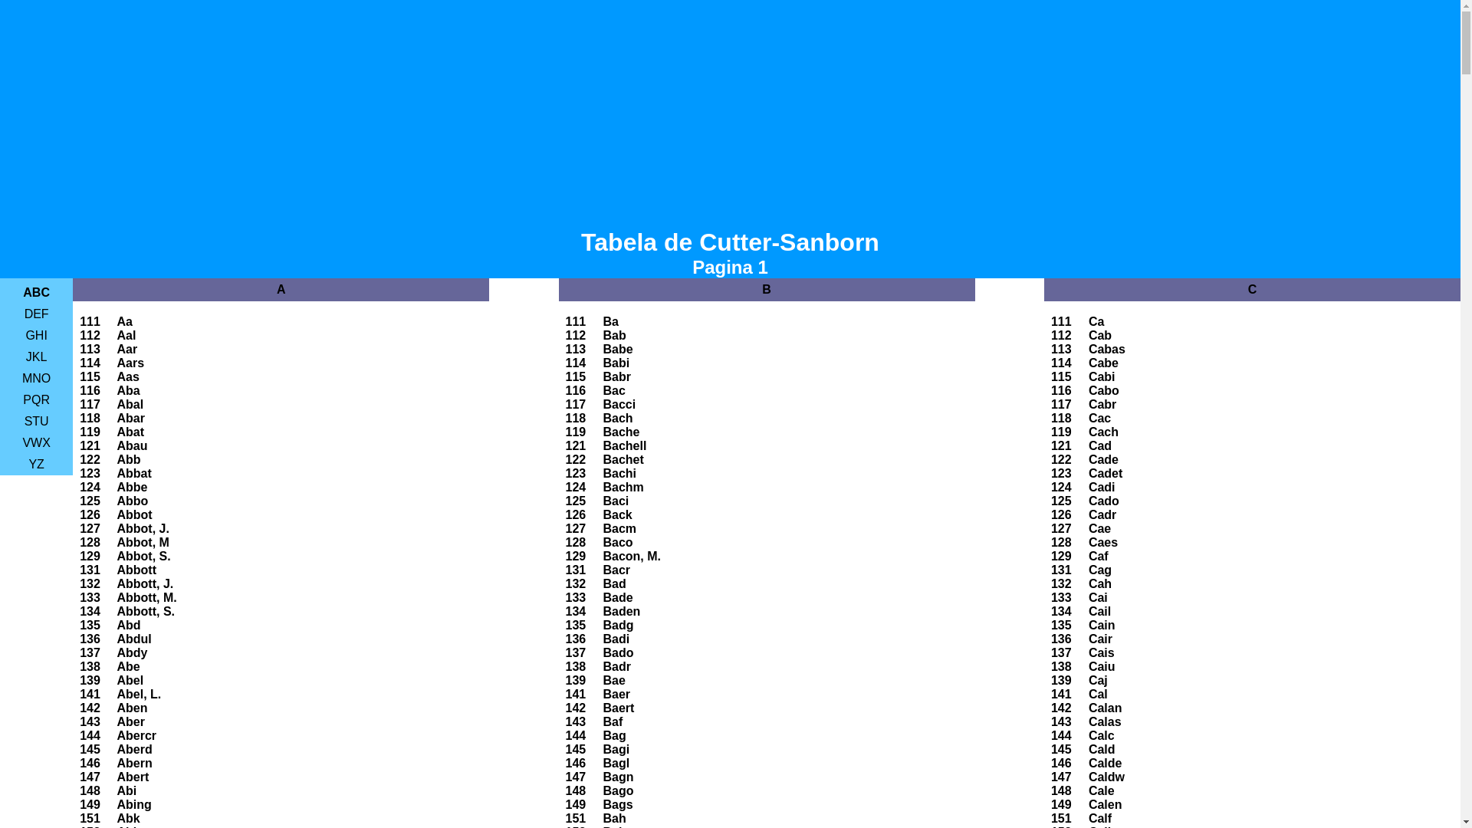 This screenshot has width=1472, height=828. I want to click on 'VWX', so click(36, 442).